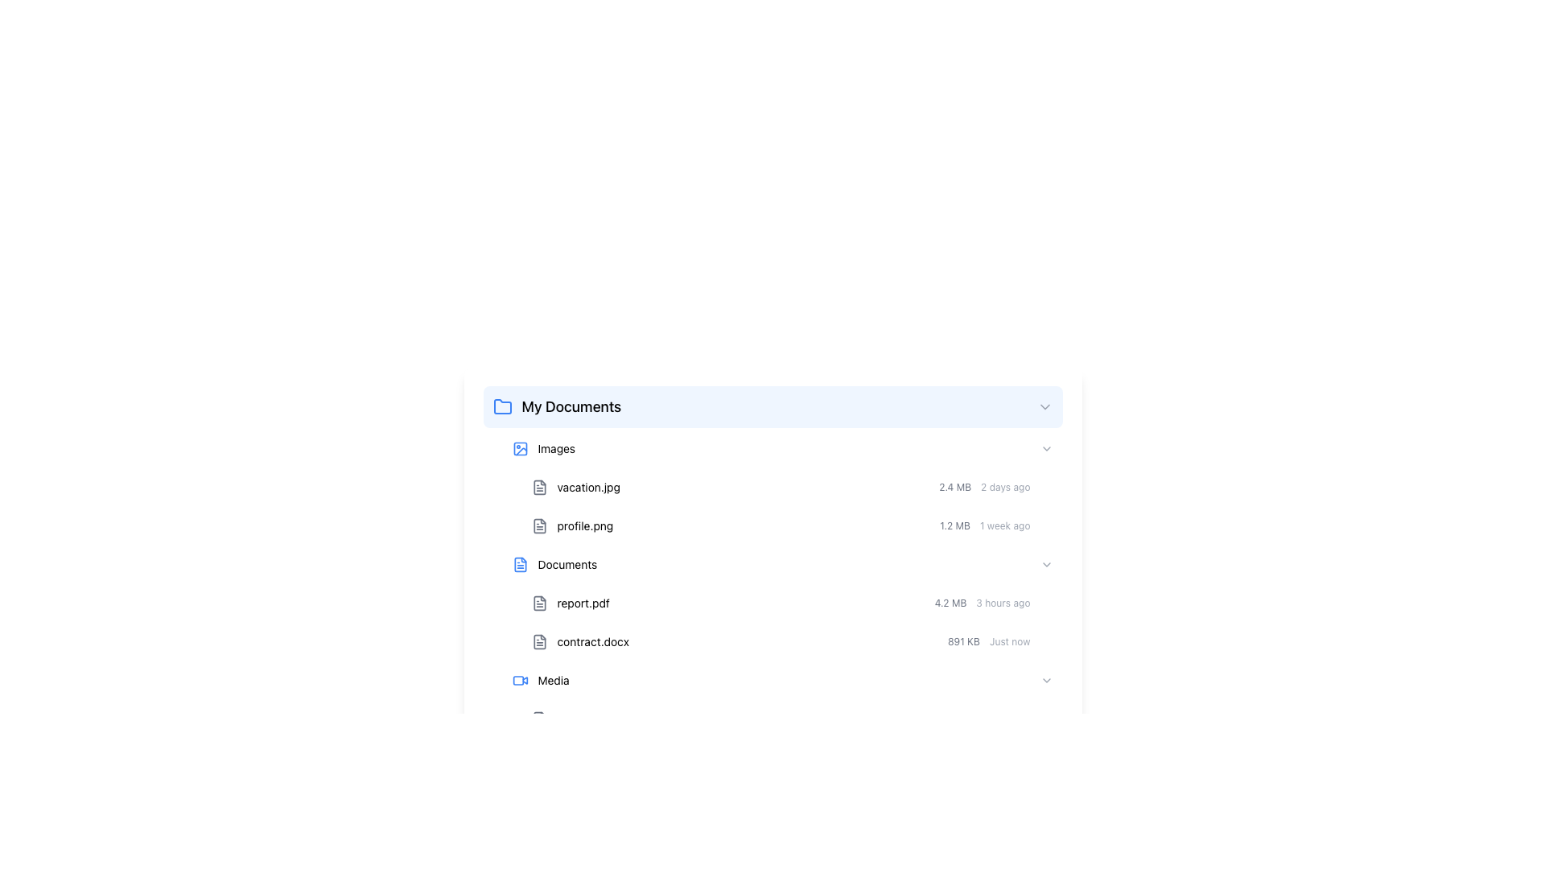 This screenshot has height=869, width=1545. Describe the element at coordinates (539, 486) in the screenshot. I see `the document file icon, which is the main graphical representation of a file type, centrally placed in the file browser interface` at that location.